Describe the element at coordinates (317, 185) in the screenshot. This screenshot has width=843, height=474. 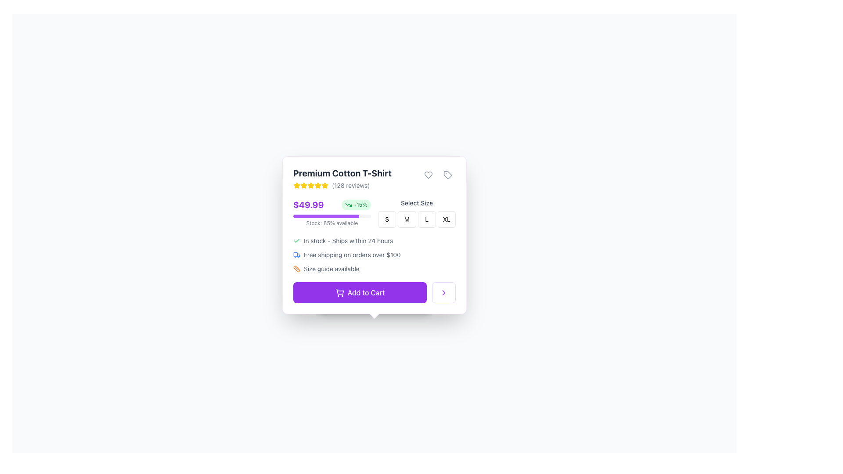
I see `the sixth star-shaped yellow filled icon in the horizontal row of star rating icons within the product card layout` at that location.